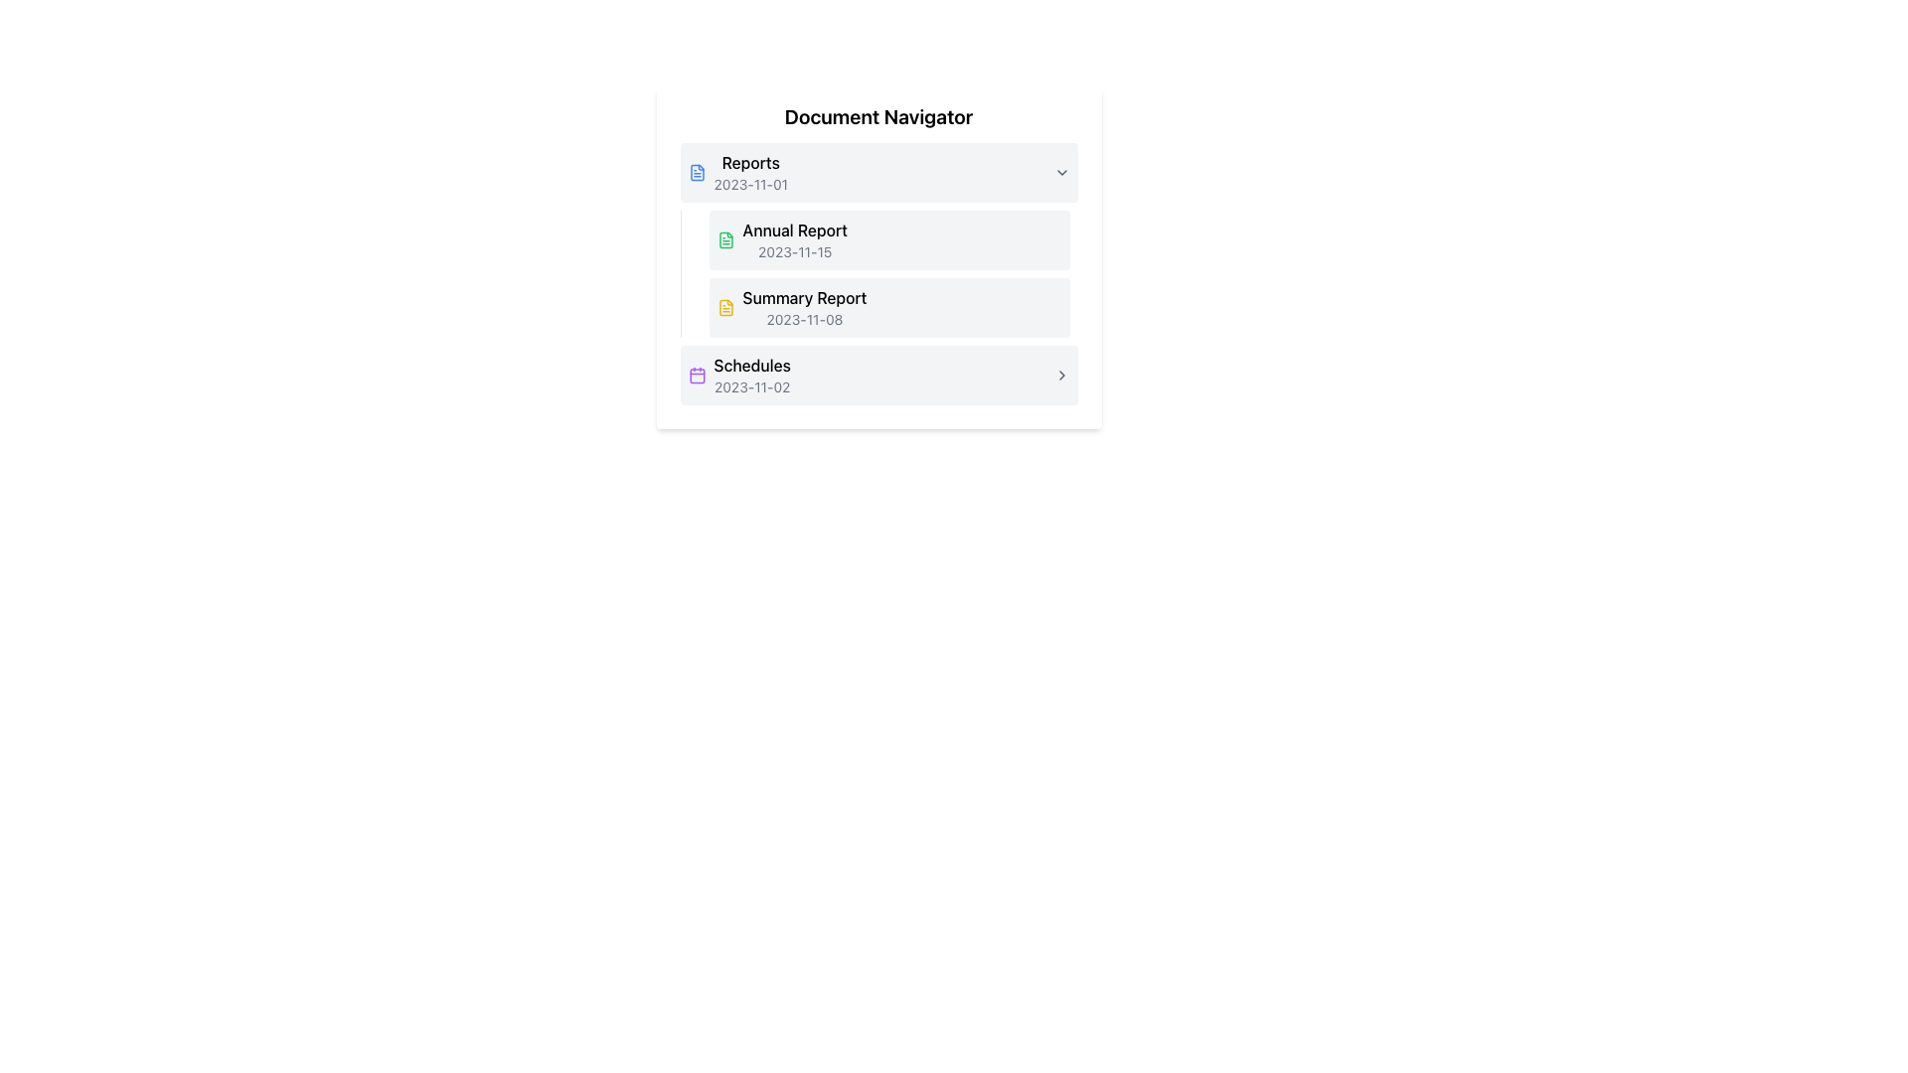 The width and height of the screenshot is (1908, 1073). I want to click on the calendar icon located within the 'Schedules' section of the 'Document Navigator' interface, so click(697, 376).